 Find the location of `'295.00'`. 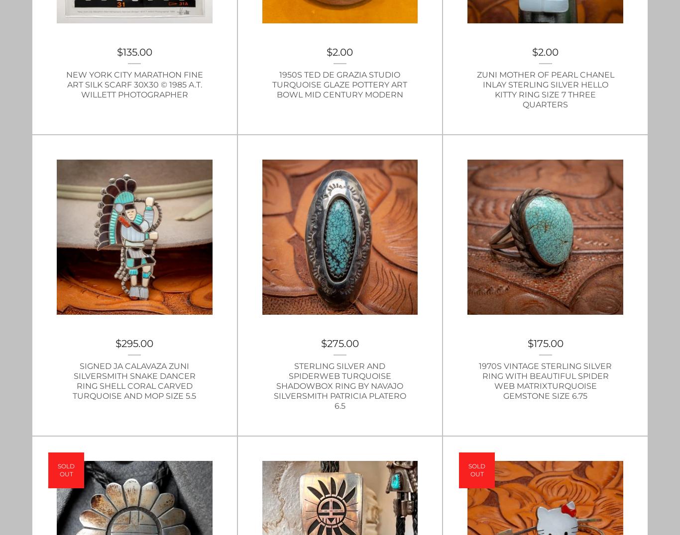

'295.00' is located at coordinates (137, 344).